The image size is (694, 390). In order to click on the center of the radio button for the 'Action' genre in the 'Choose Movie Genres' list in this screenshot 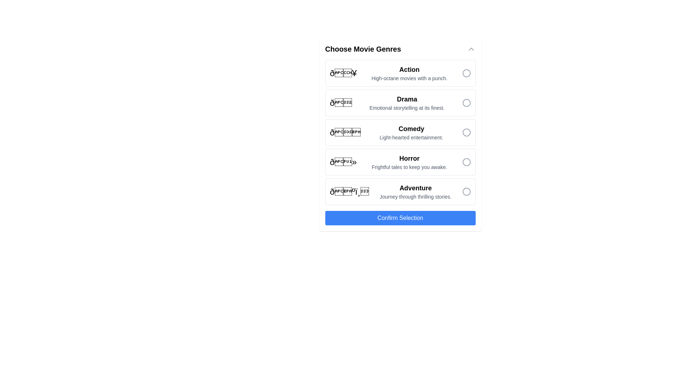, I will do `click(466, 73)`.